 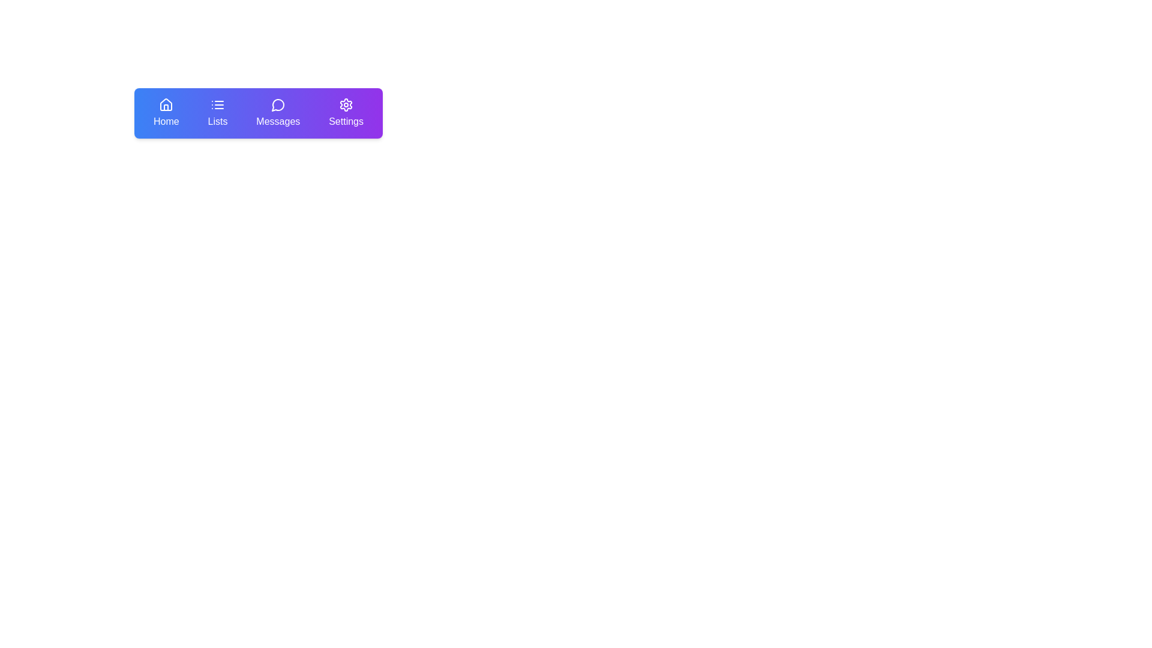 What do you see at coordinates (277, 104) in the screenshot?
I see `the circular message bubble icon located in the third position of the horizontal navigation bar, between the 'Lists' icon and the 'Settings' icon` at bounding box center [277, 104].